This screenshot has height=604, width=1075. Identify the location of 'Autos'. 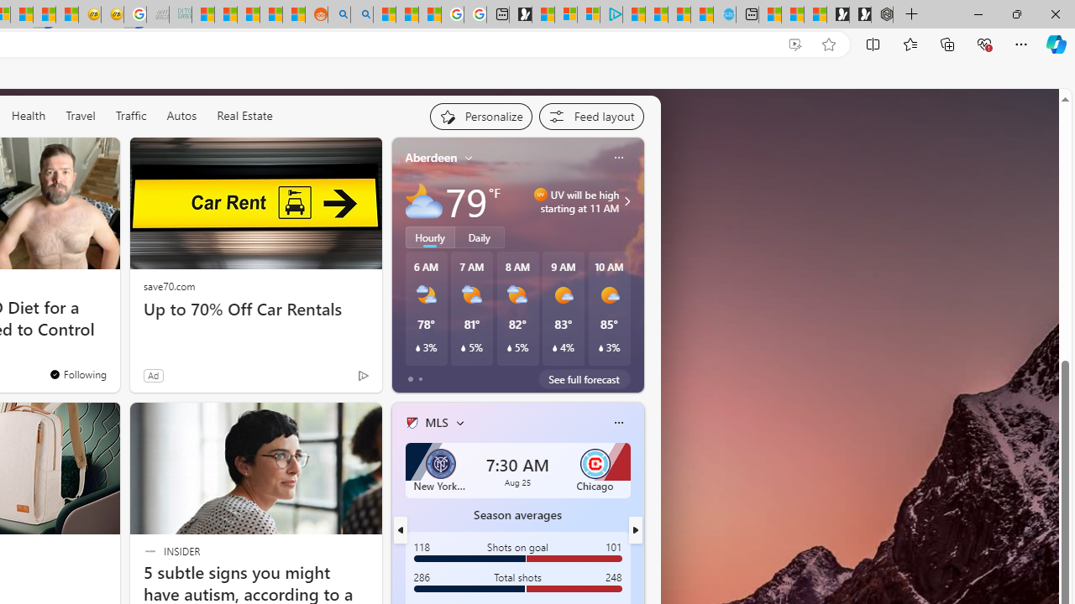
(181, 114).